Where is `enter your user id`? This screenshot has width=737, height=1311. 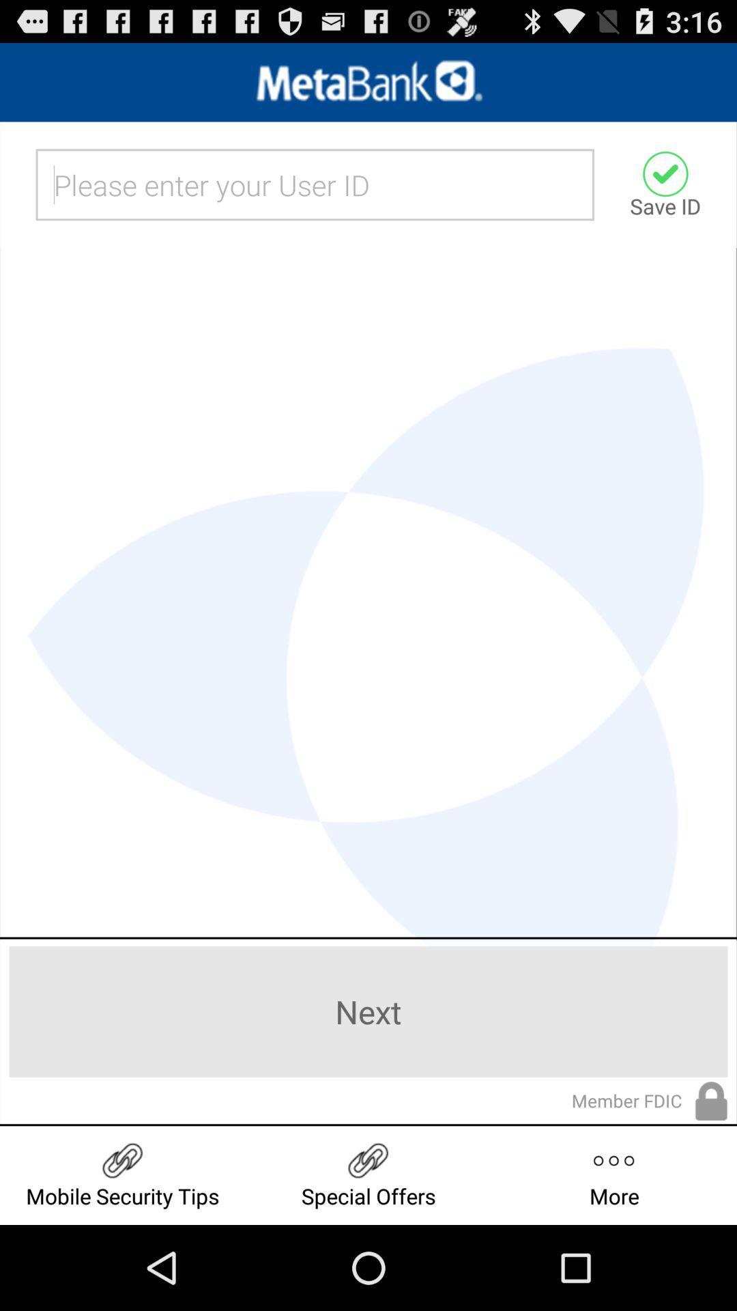 enter your user id is located at coordinates (315, 184).